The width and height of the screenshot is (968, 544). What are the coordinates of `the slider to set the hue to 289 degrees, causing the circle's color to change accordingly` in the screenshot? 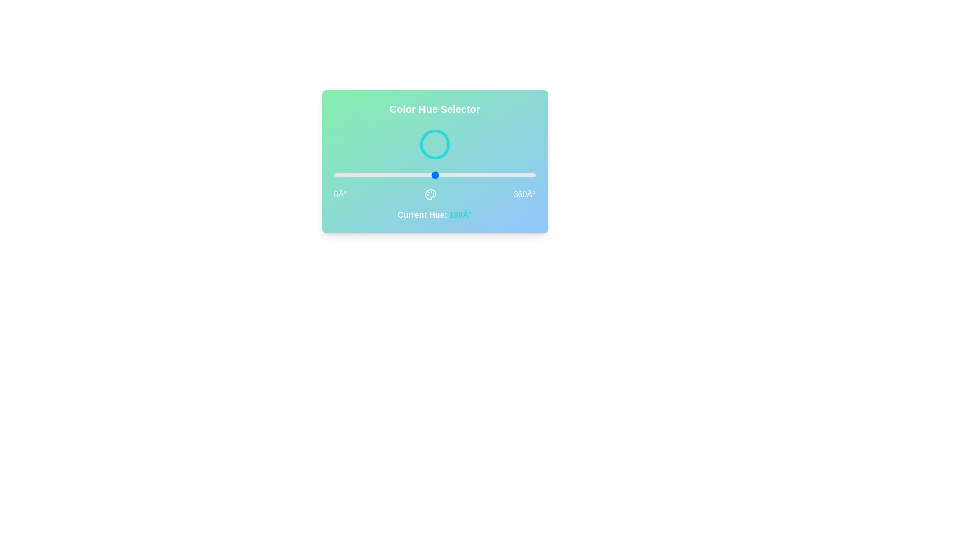 It's located at (496, 174).